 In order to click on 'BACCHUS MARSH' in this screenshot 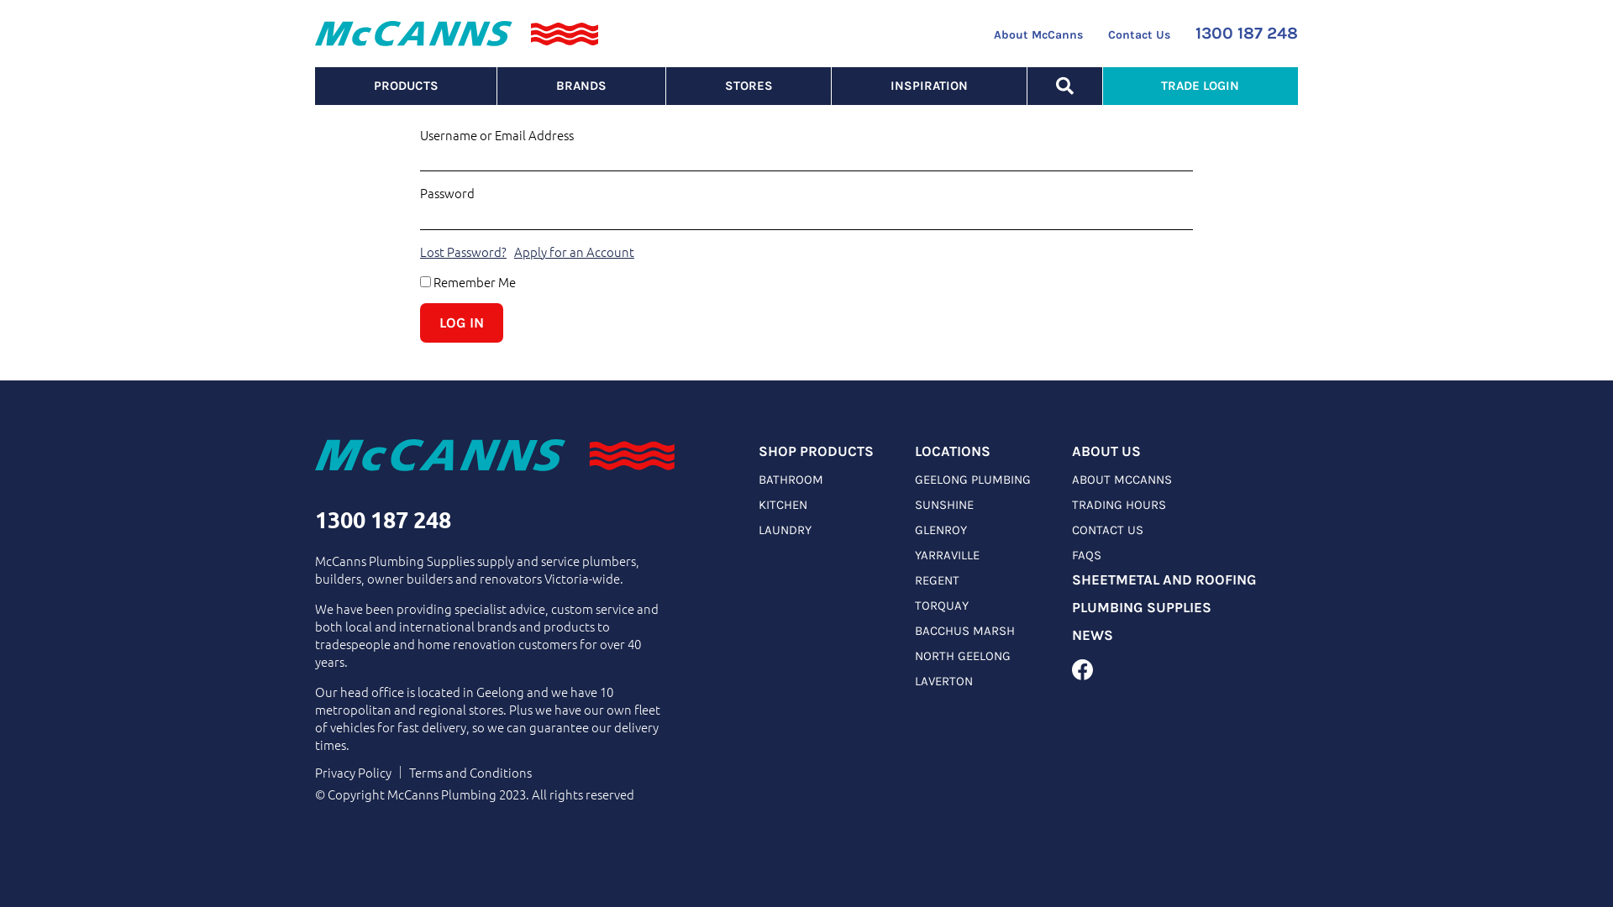, I will do `click(914, 631)`.